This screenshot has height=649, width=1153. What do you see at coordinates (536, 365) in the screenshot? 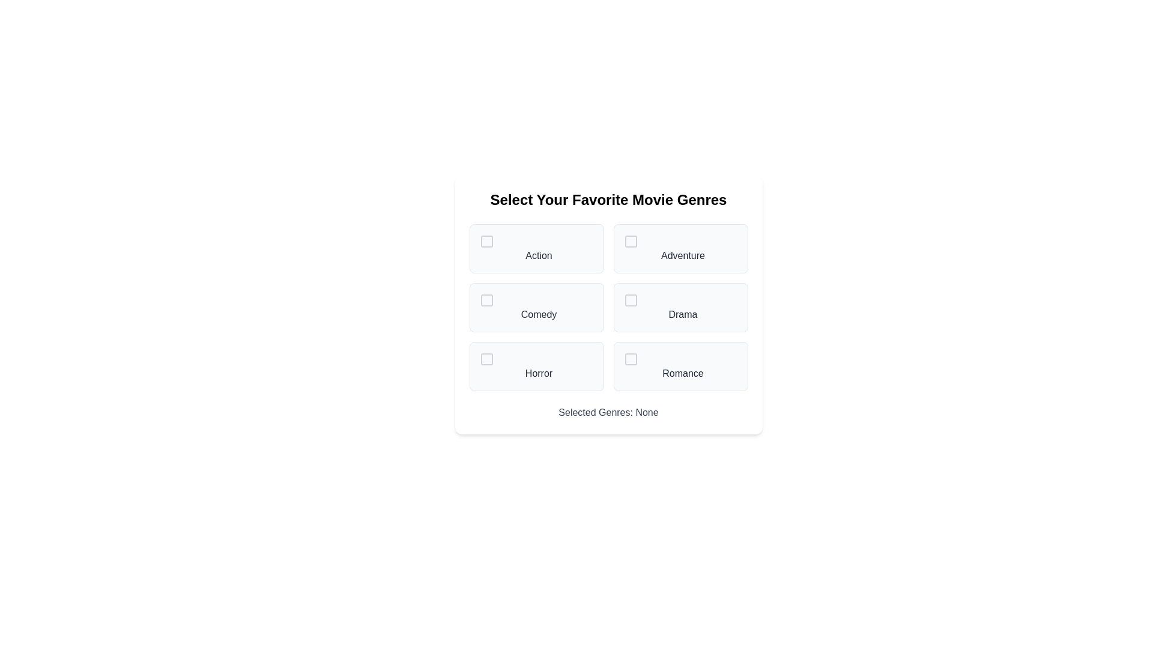
I see `the genre Horror to observe its hover effect` at bounding box center [536, 365].